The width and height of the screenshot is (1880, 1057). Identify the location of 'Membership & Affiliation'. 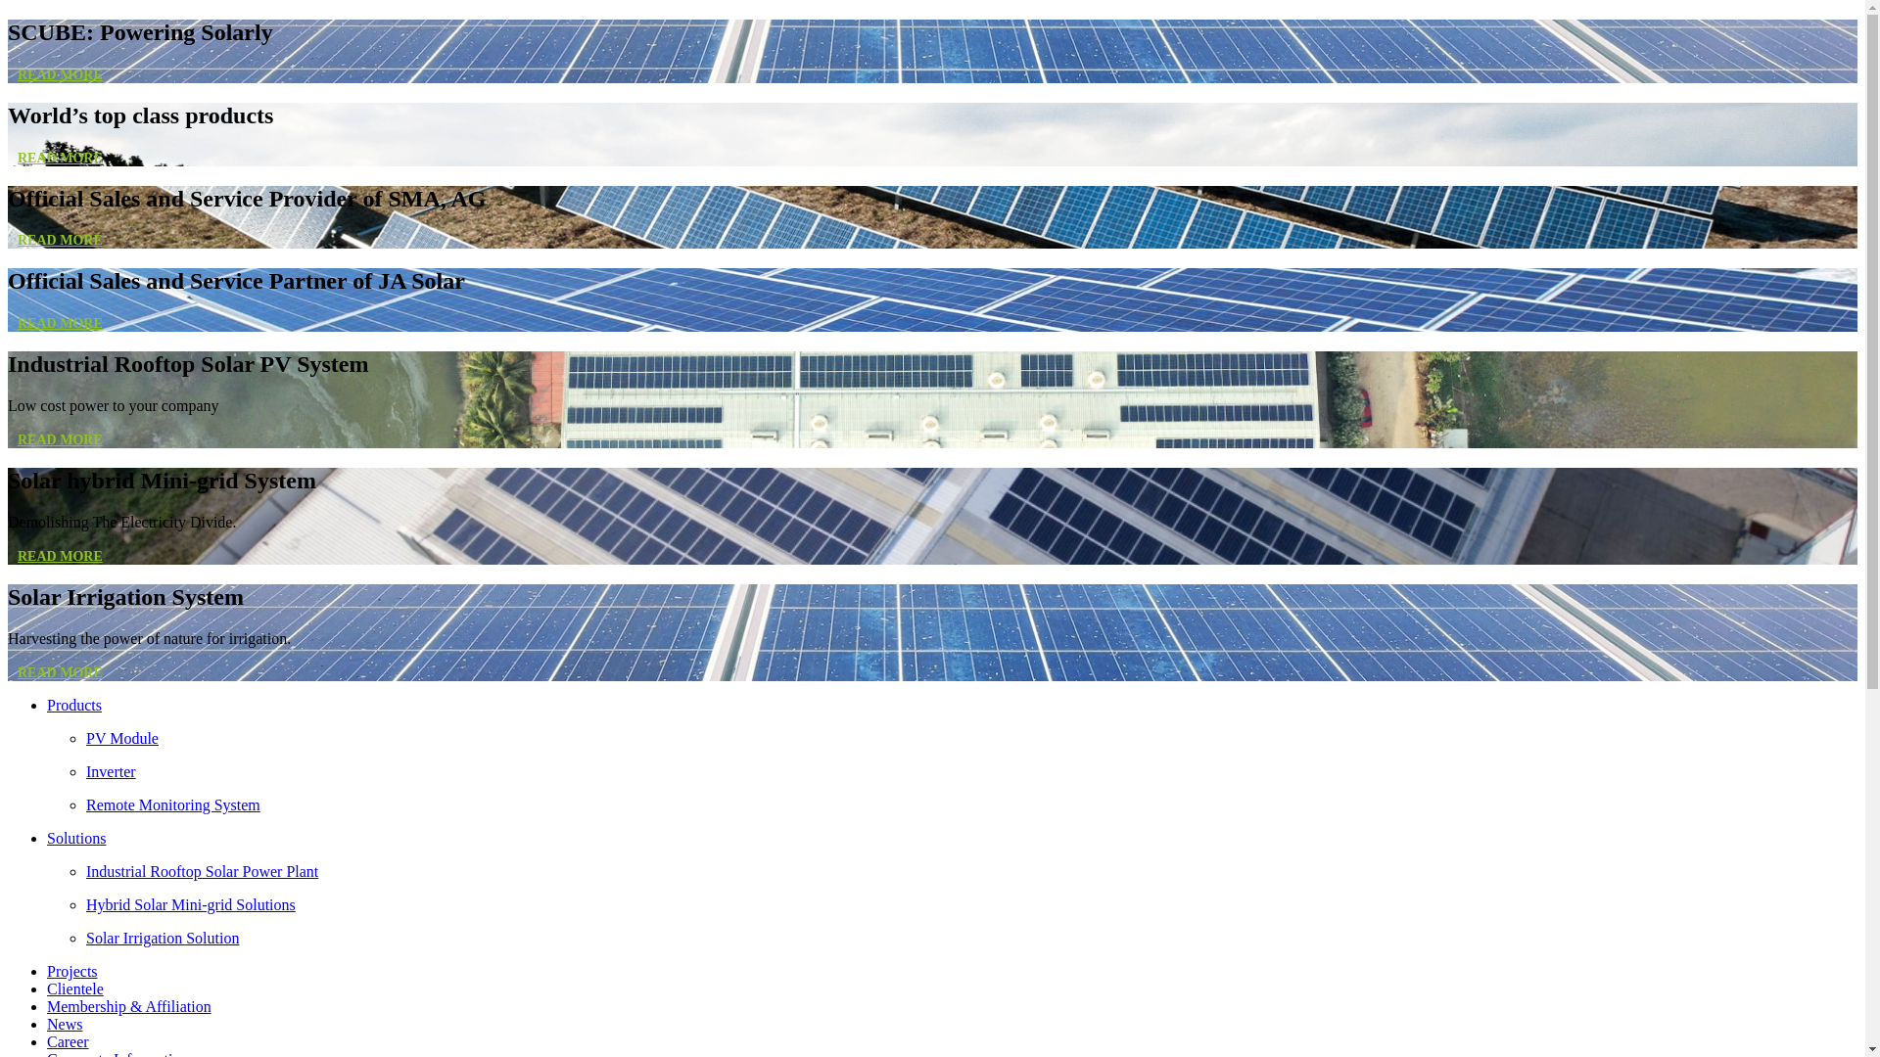
(128, 1006).